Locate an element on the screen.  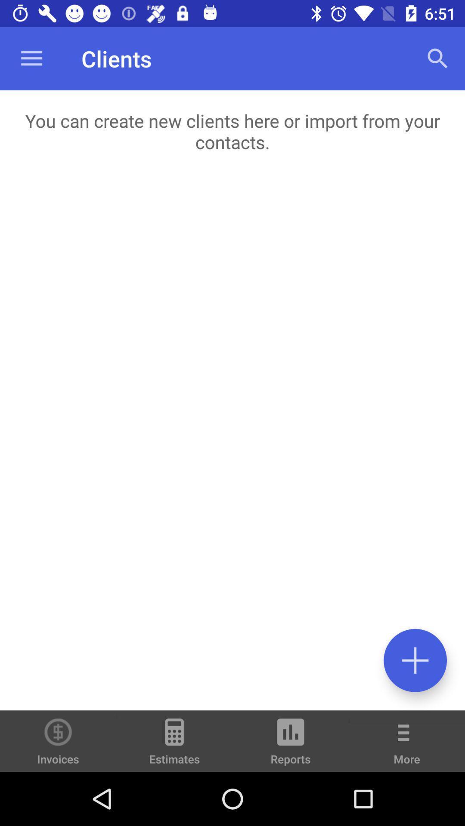
icon to the left of the reports item is located at coordinates (174, 745).